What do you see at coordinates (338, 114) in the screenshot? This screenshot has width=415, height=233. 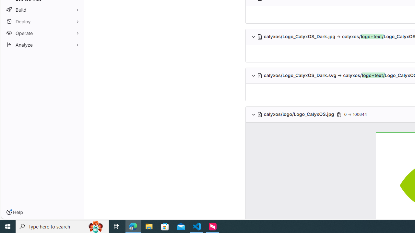 I see `'Copy file path'` at bounding box center [338, 114].